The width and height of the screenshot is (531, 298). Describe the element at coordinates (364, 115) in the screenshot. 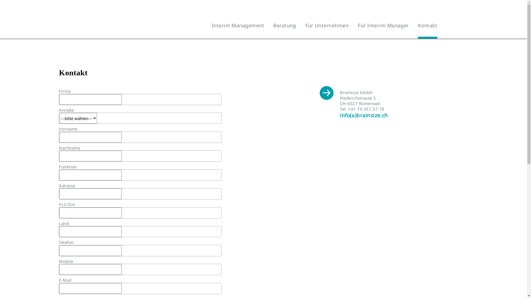

I see `'info(a)brainsize.ch'` at that location.